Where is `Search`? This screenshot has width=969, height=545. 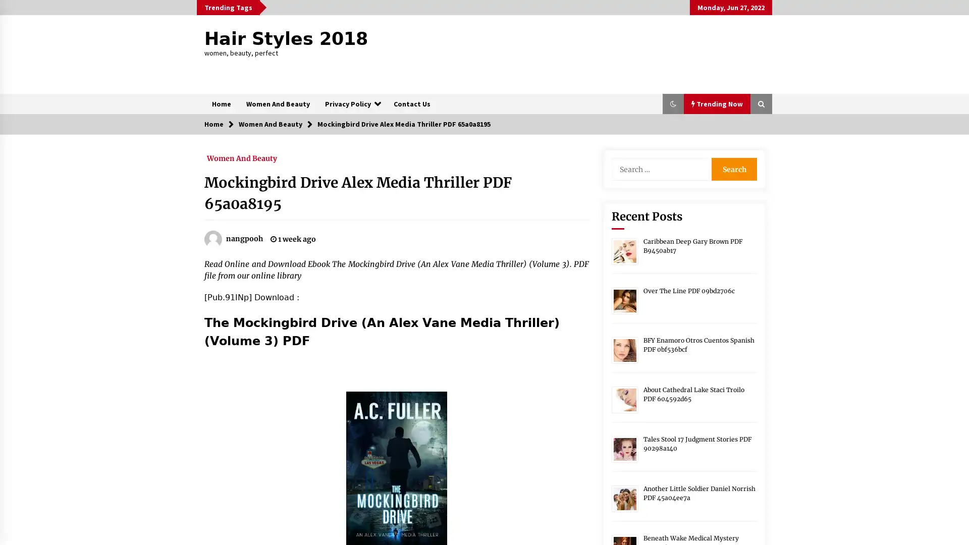
Search is located at coordinates (734, 169).